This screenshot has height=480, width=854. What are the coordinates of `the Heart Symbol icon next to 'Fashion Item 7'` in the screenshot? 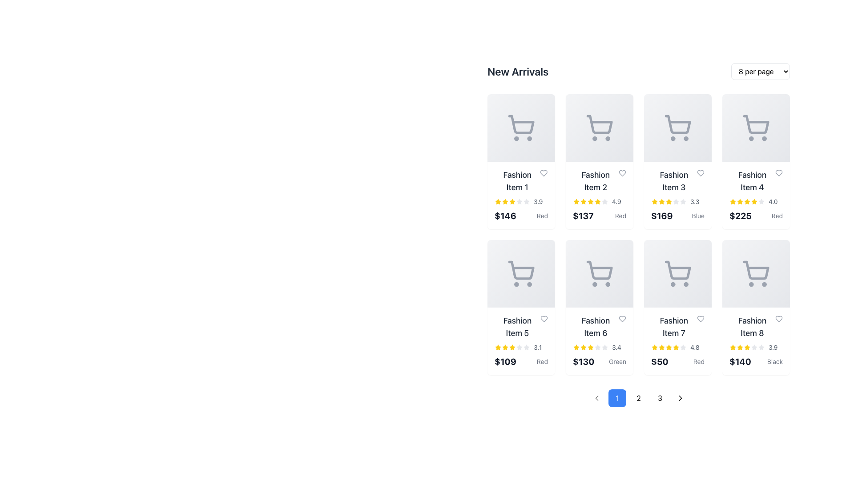 It's located at (700, 318).